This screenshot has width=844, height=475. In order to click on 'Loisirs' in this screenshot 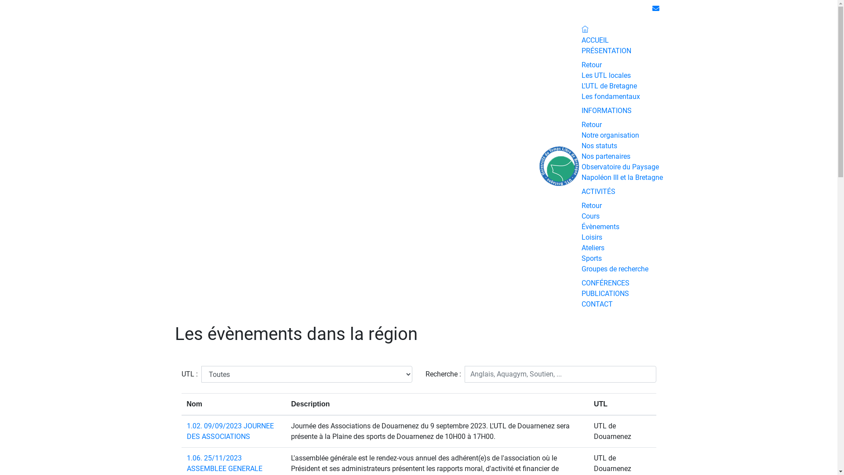, I will do `click(581, 237)`.